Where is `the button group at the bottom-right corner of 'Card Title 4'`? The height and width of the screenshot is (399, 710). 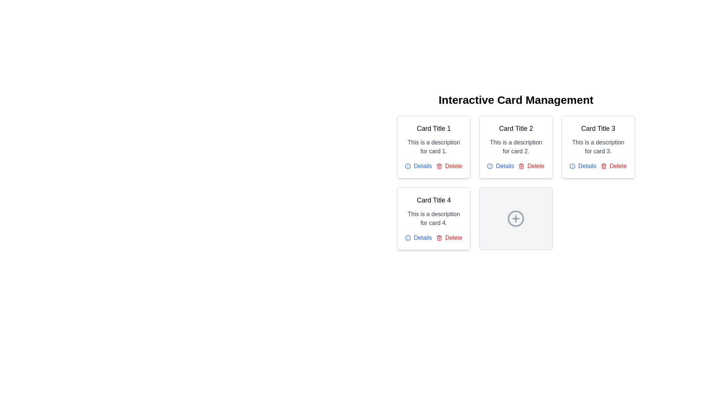
the button group at the bottom-right corner of 'Card Title 4' is located at coordinates (434, 238).